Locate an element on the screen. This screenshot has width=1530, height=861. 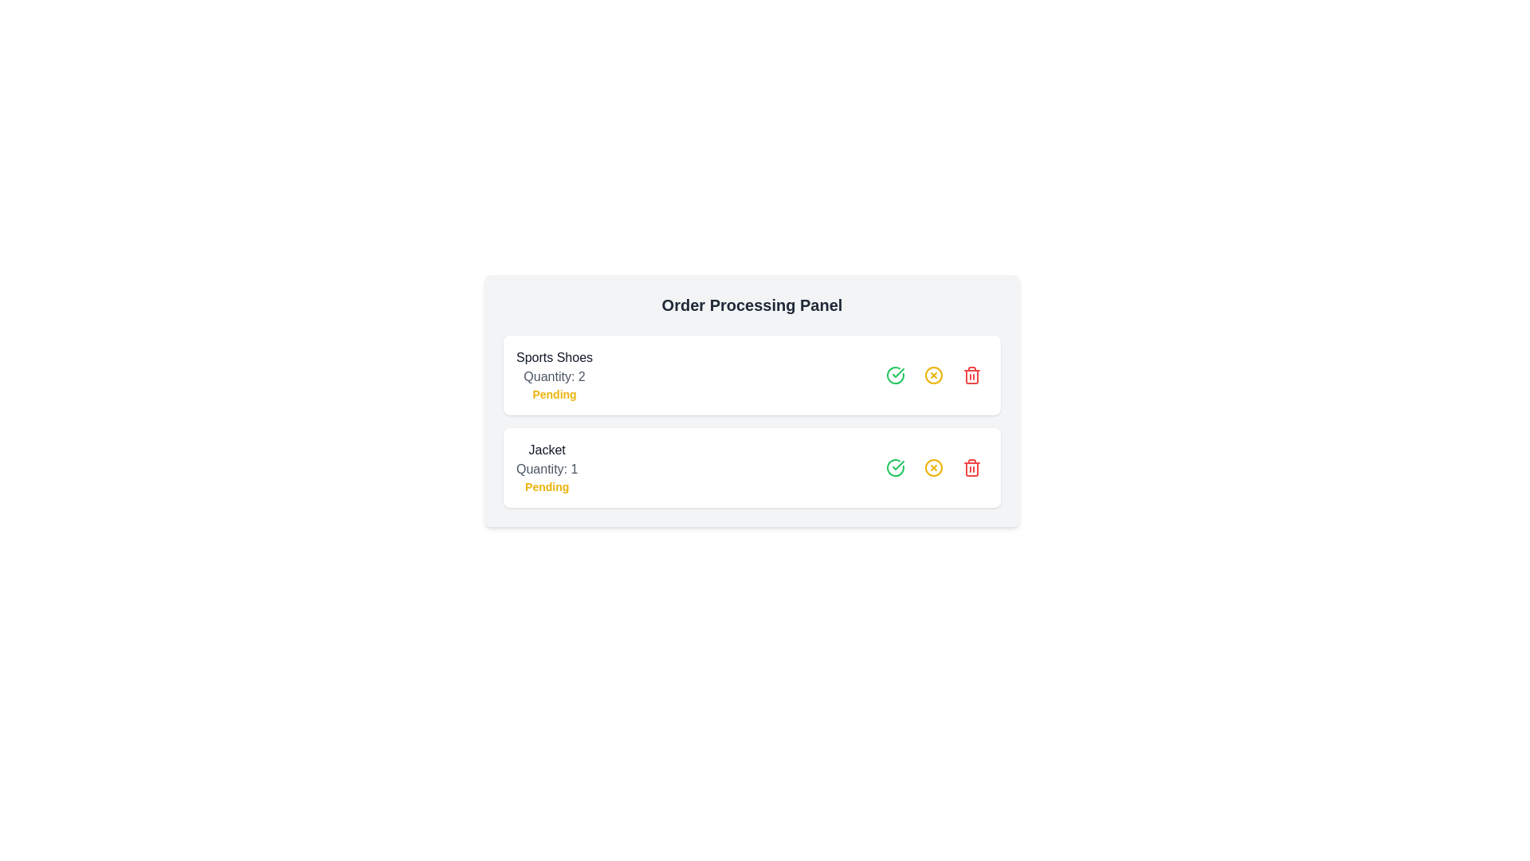
the Text display component that provides detailed information about an item in an order, which includes the item's name, quantity, and current status (Pending) is located at coordinates (555, 375).